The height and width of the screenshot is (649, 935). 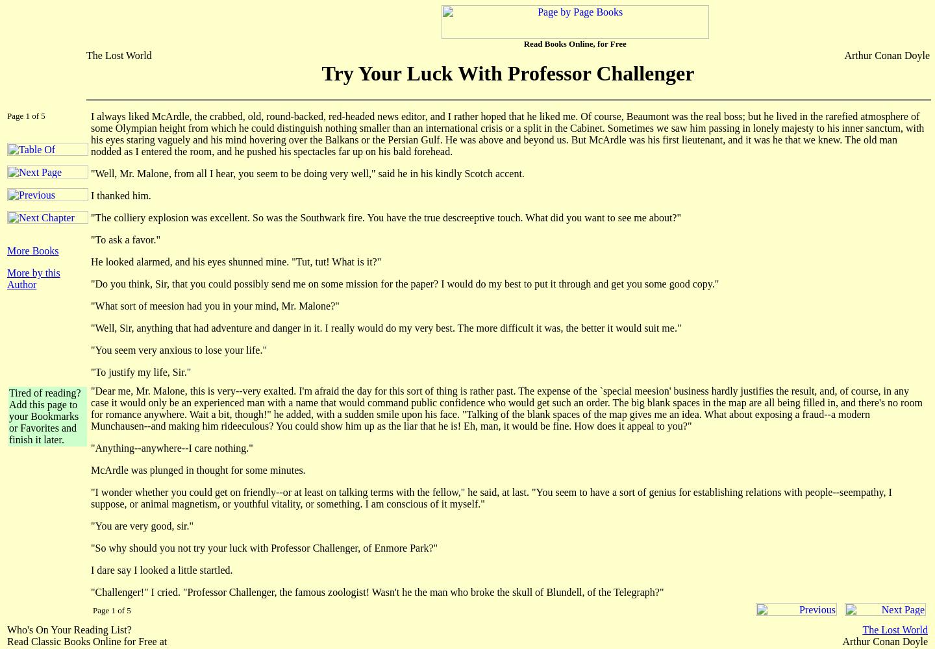 I want to click on '"I wonder whether you could get on friendly--or at least on
talking terms with the fellow," he said, at last.  "You seem to
have a sort of genius for establishing relations with
people--seempathy, I suppose, or animal magnetism, or youthful
vitality, or something.  I am conscious of it myself."', so click(x=490, y=498).